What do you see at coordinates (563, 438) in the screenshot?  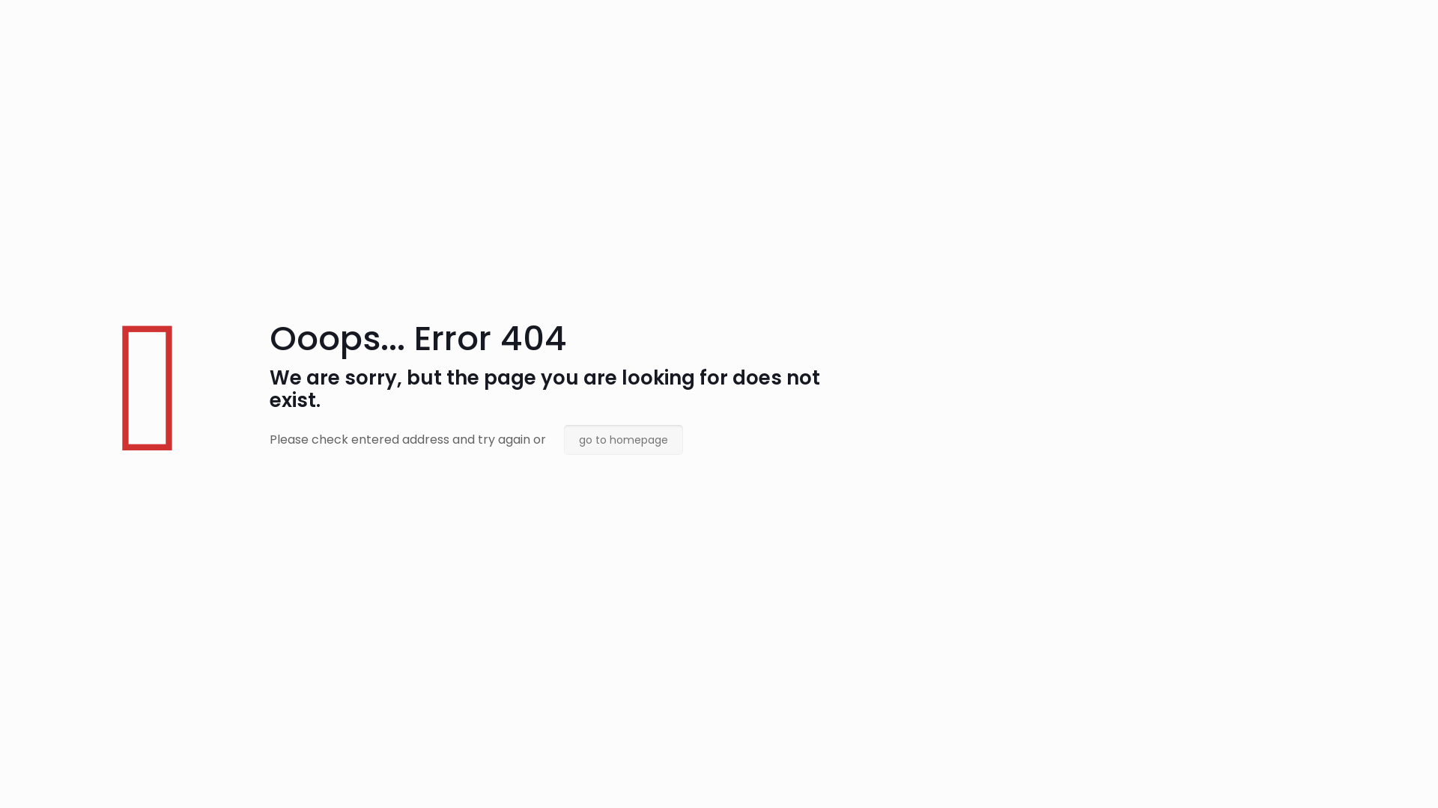 I see `'go to homepage'` at bounding box center [563, 438].